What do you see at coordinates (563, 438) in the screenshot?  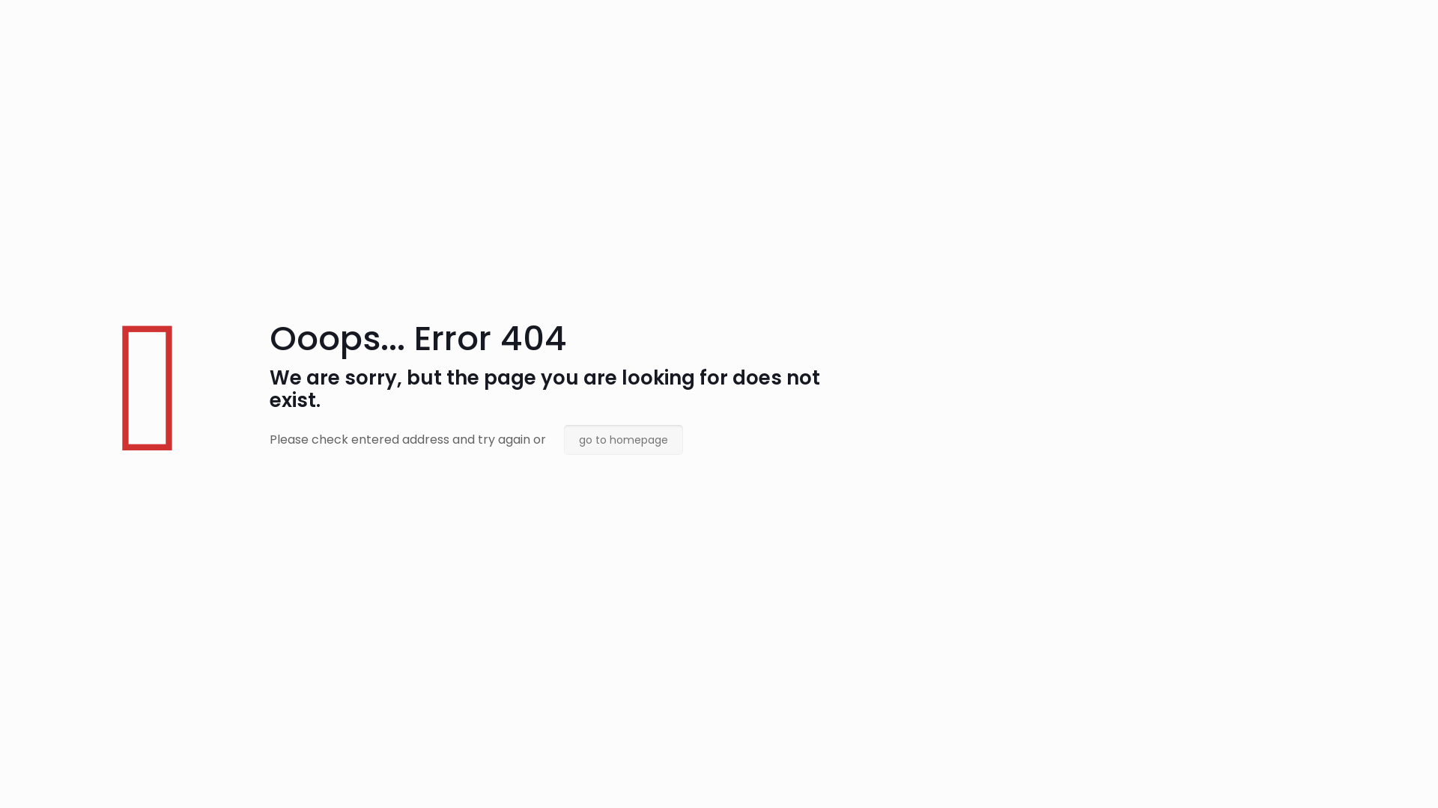 I see `'go to homepage'` at bounding box center [563, 438].